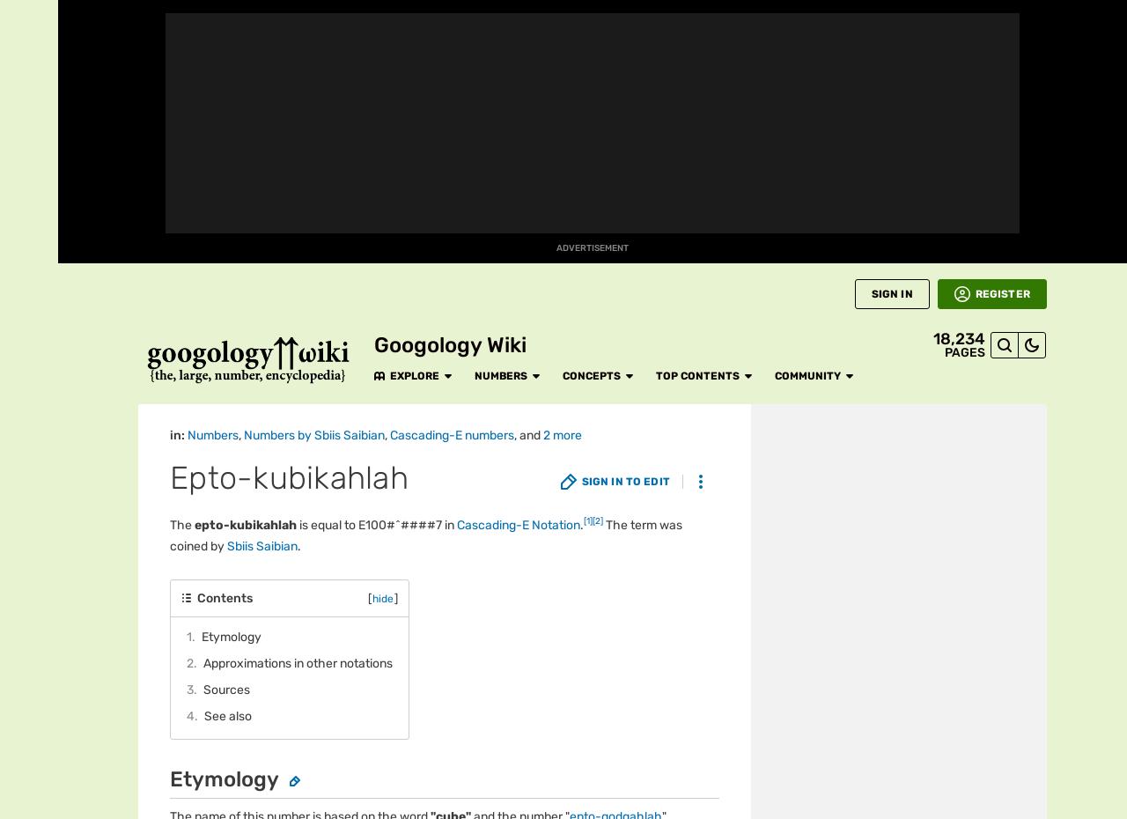 This screenshot has height=819, width=1127. Describe the element at coordinates (570, 120) in the screenshot. I see `'Extended Cascading-E'` at that location.